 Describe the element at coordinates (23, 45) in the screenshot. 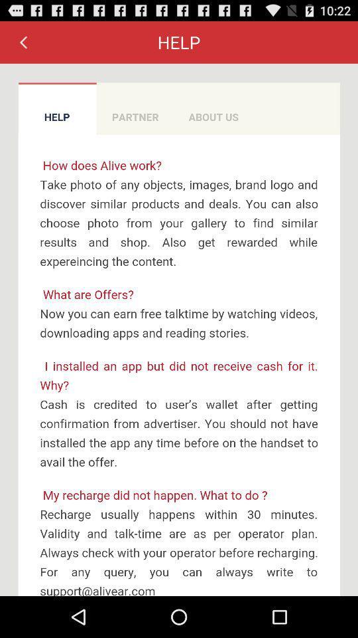

I see `the arrow_backward icon` at that location.